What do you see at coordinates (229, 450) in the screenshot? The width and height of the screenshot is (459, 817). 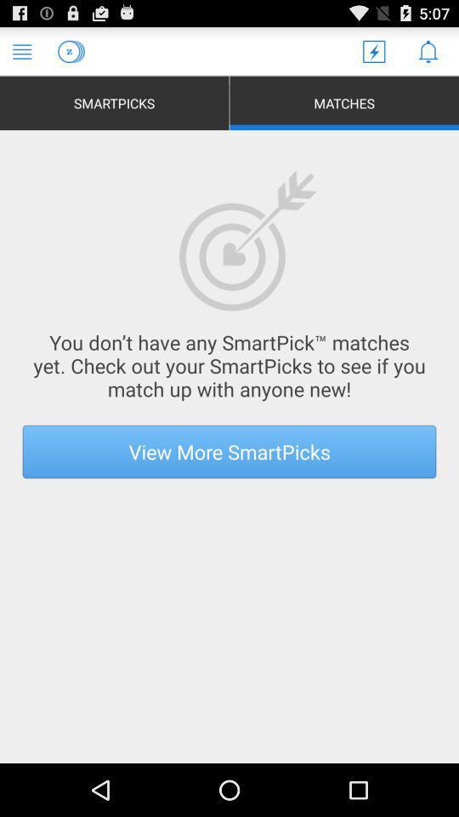 I see `icon below the you don t` at bounding box center [229, 450].